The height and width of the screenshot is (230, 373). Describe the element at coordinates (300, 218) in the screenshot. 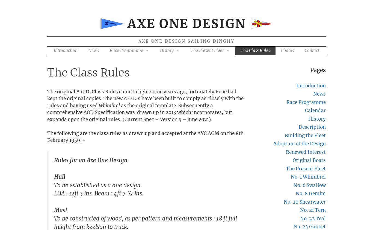

I see `'No. 22 Teal'` at that location.